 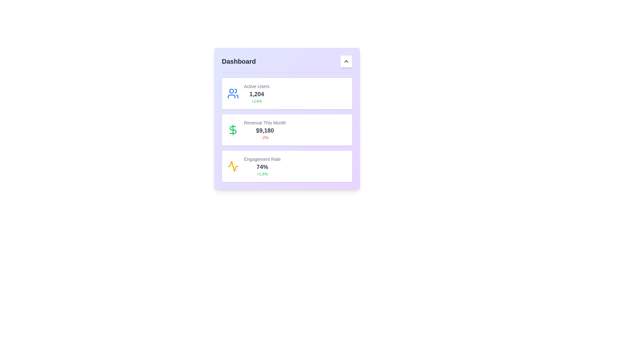 What do you see at coordinates (233, 130) in the screenshot?
I see `the green dollar sign icon located to the left of the 'Revenue This Month' text, which displays a monetary value and percentage change` at bounding box center [233, 130].